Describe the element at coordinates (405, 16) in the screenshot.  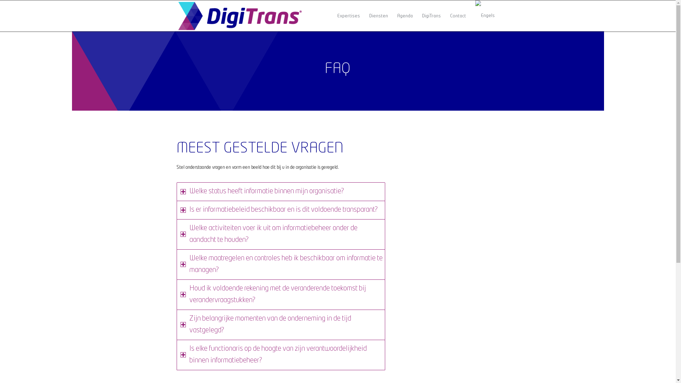
I see `'Agenda'` at that location.